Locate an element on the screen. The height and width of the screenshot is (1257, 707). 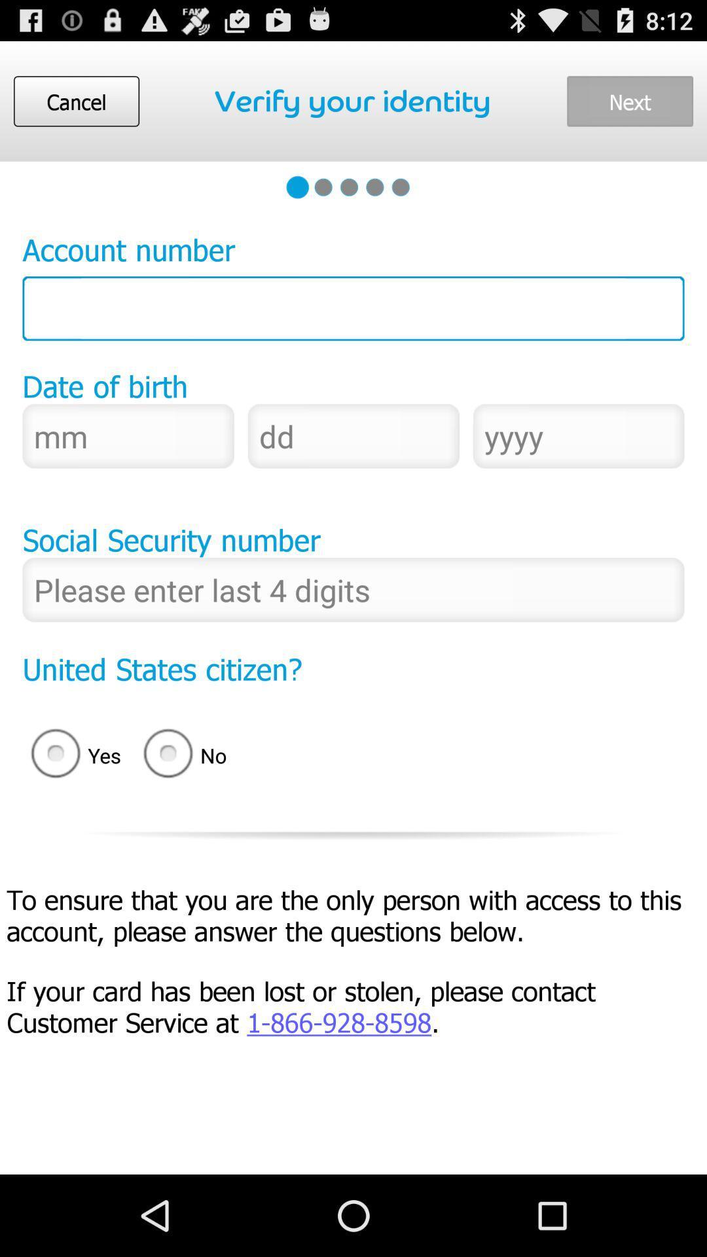
if your card is located at coordinates (357, 1005).